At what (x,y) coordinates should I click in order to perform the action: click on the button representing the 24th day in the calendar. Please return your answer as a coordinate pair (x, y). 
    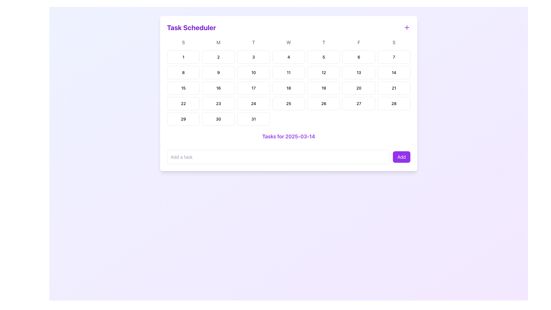
    Looking at the image, I should click on (253, 104).